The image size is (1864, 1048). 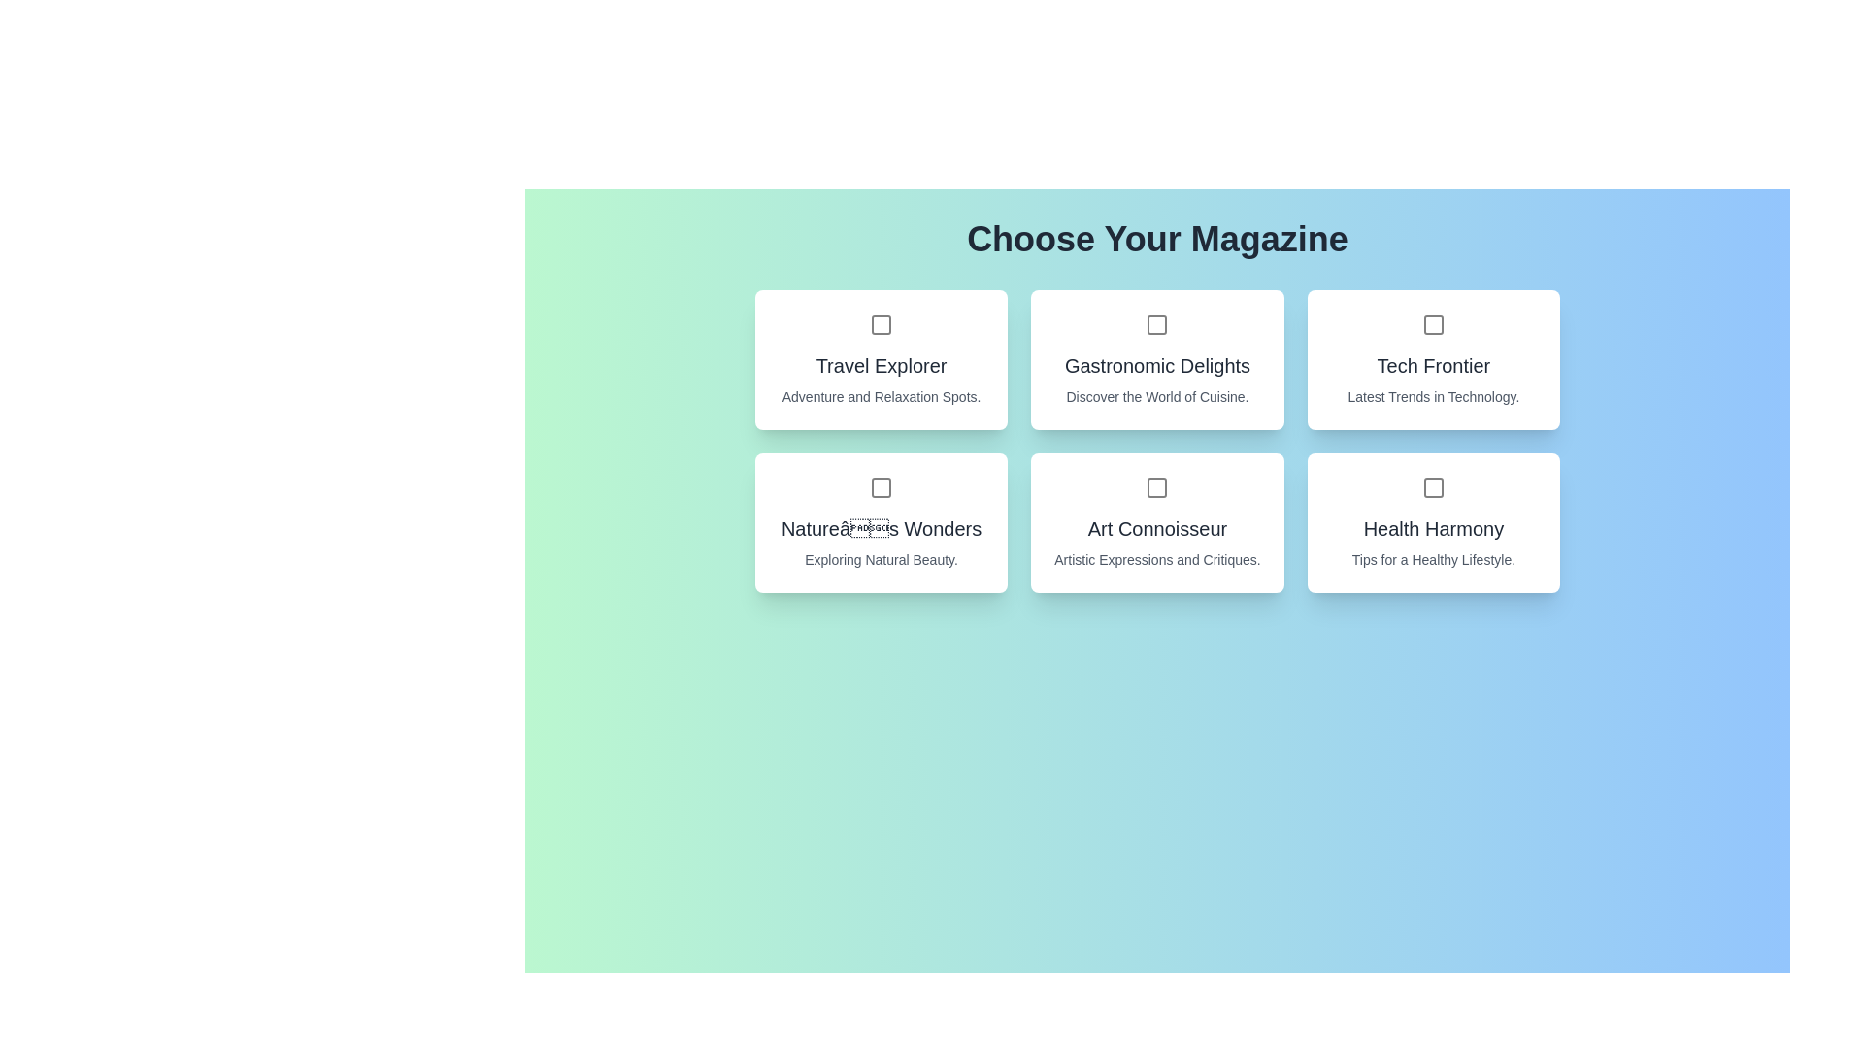 What do you see at coordinates (880, 522) in the screenshot?
I see `the magazine card titled 'Nature’s Wonders' to observe its hover effect` at bounding box center [880, 522].